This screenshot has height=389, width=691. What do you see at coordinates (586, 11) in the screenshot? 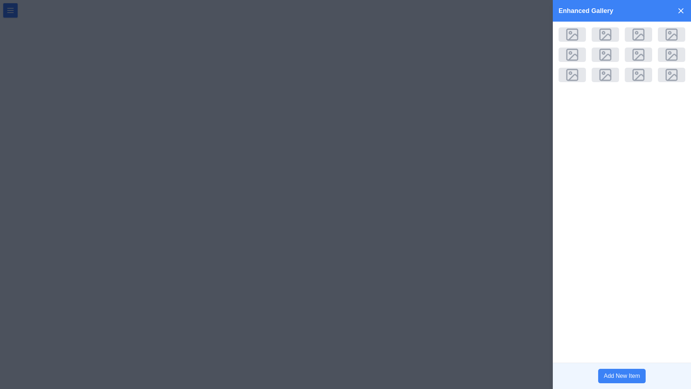
I see `heading text located at the top left of the gallery interface, which serves as the title for the gallery` at bounding box center [586, 11].